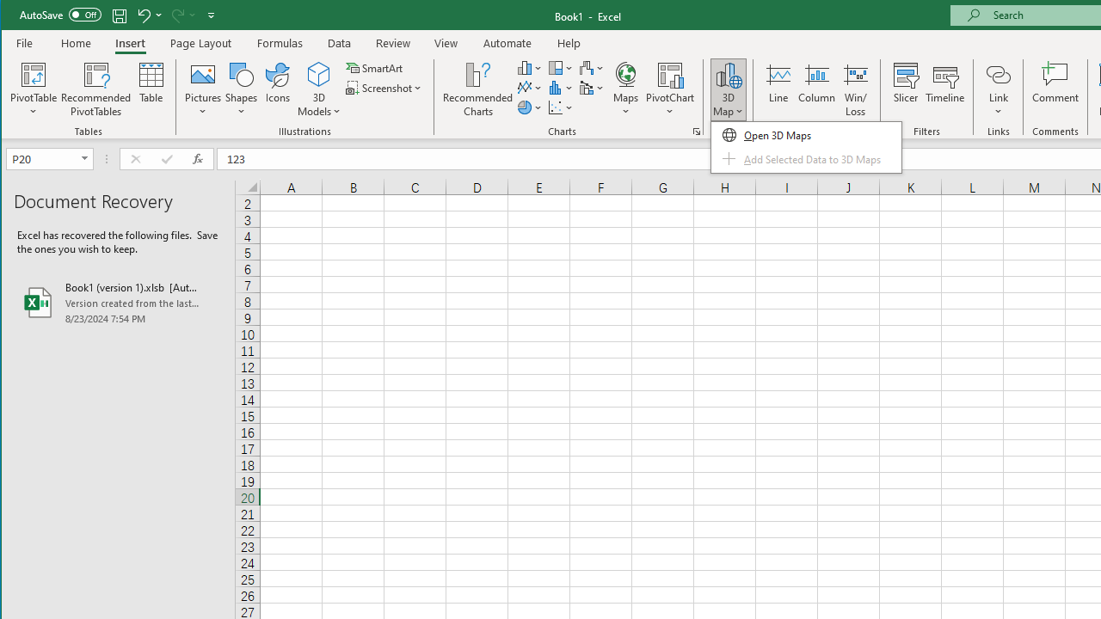 This screenshot has width=1101, height=619. Describe the element at coordinates (375, 67) in the screenshot. I see `'SmartArt...'` at that location.